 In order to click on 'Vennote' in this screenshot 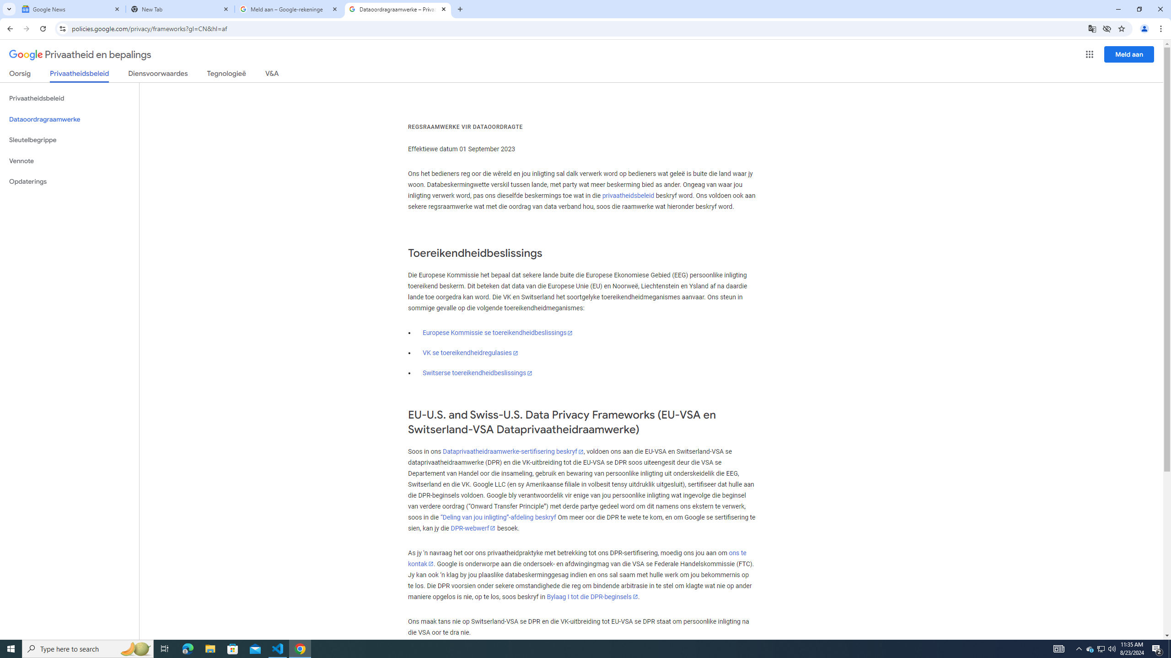, I will do `click(69, 161)`.